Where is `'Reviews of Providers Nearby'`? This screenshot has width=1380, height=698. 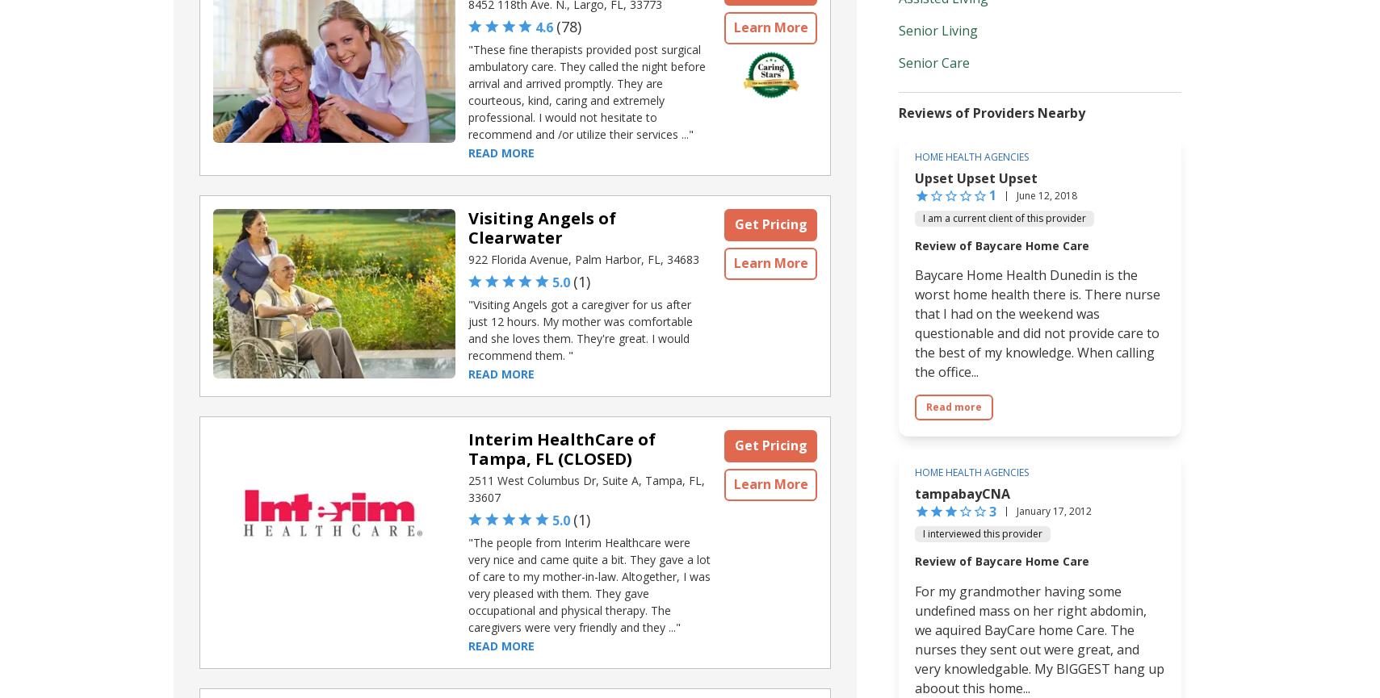 'Reviews of Providers Nearby' is located at coordinates (899, 112).